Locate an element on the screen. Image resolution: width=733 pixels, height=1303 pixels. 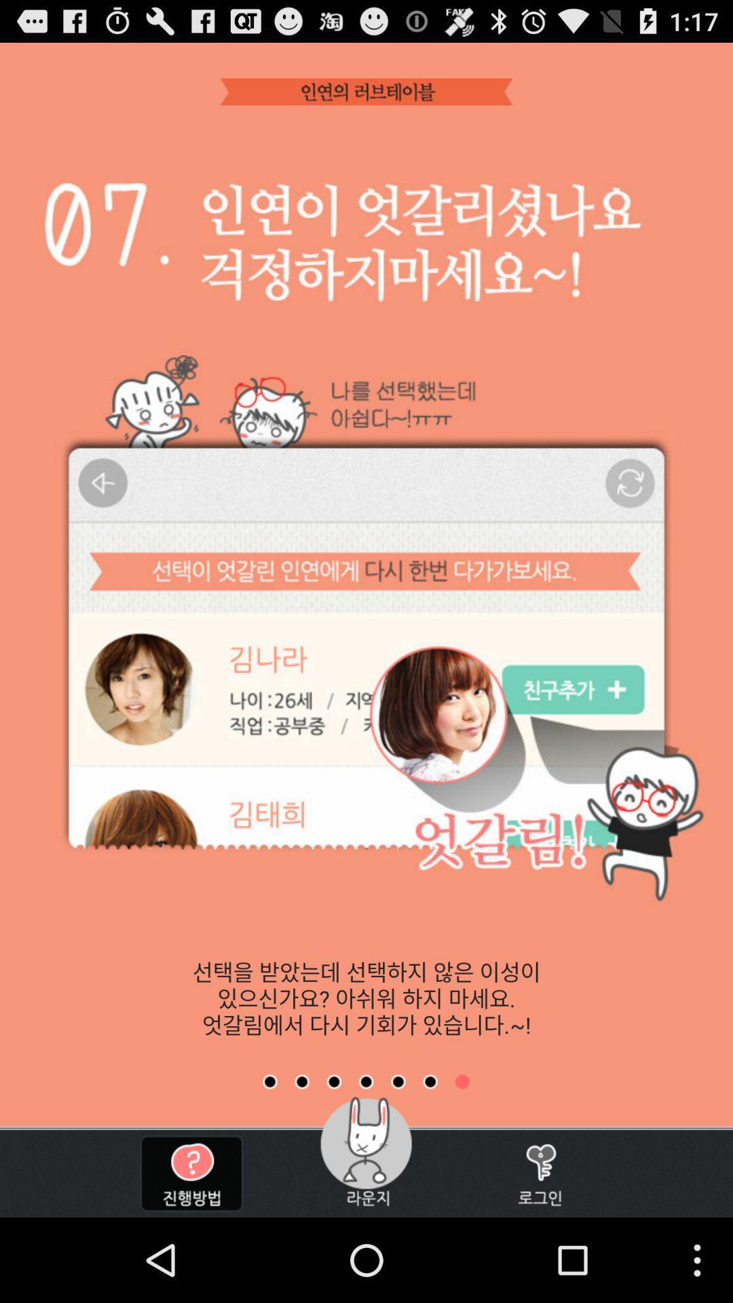
switch to tab is located at coordinates (397, 1081).